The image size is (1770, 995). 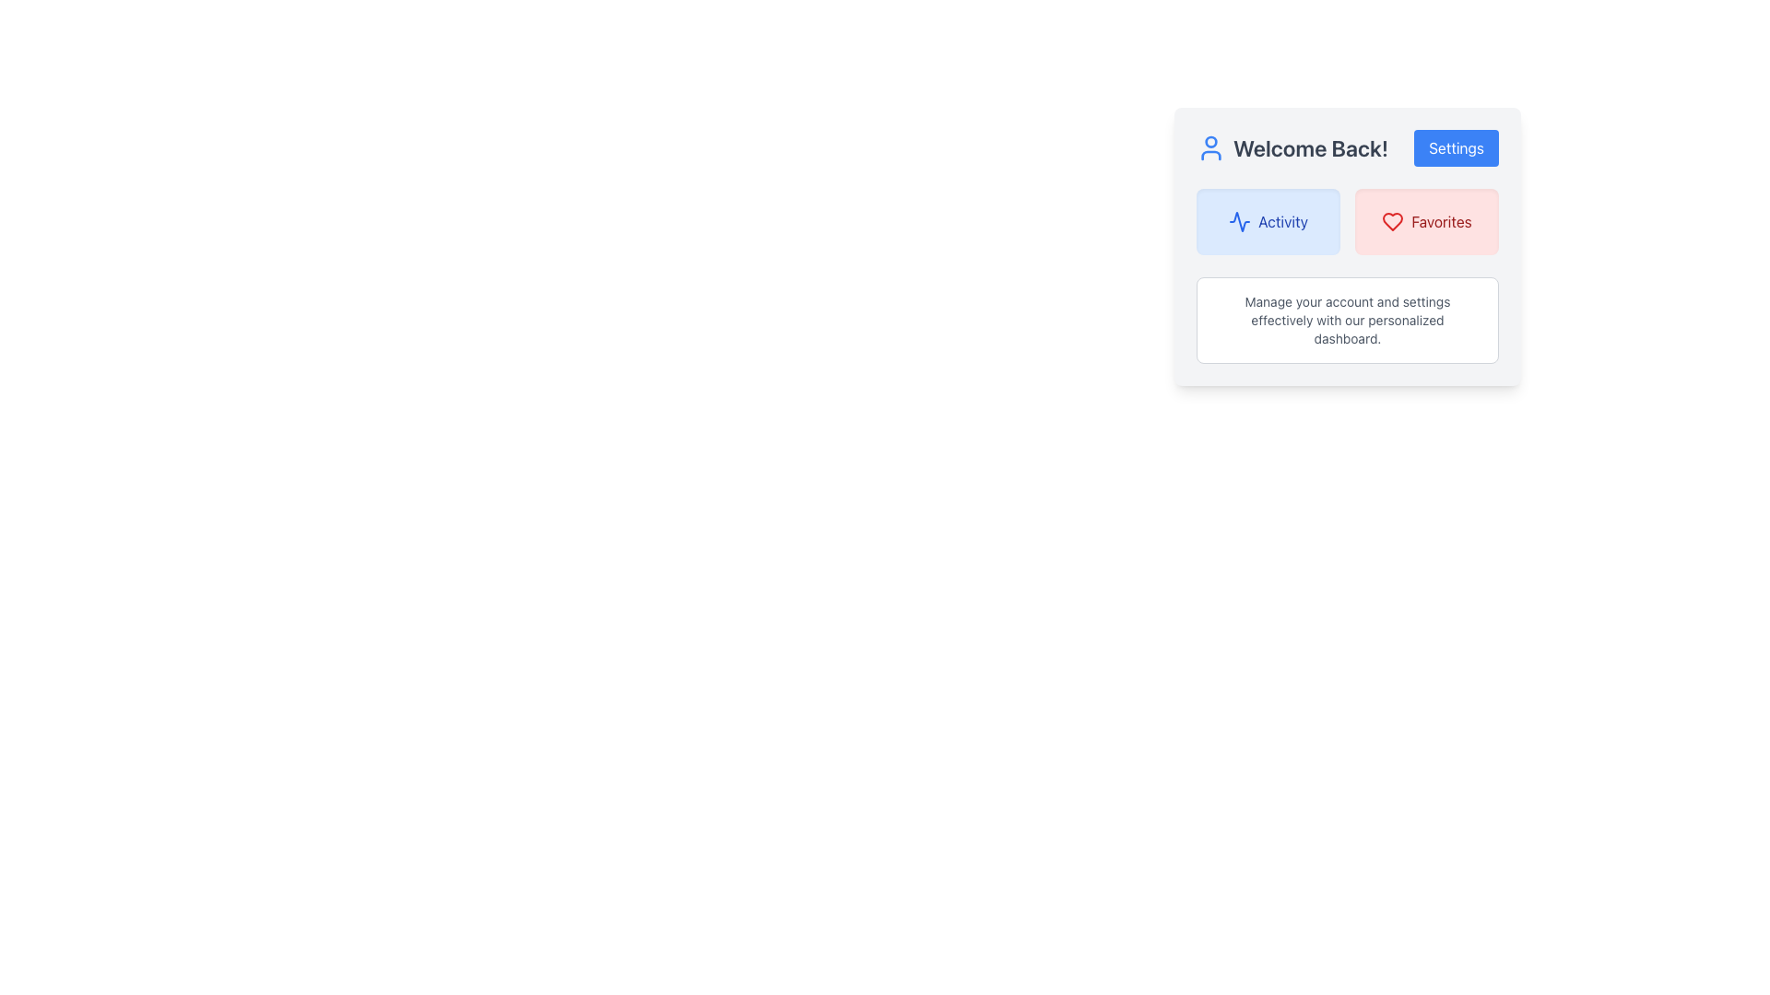 I want to click on the text box that contains the message 'Manage your account and settings effectively with our personalized dashboard.' which has a white background and gray border, so click(x=1348, y=319).